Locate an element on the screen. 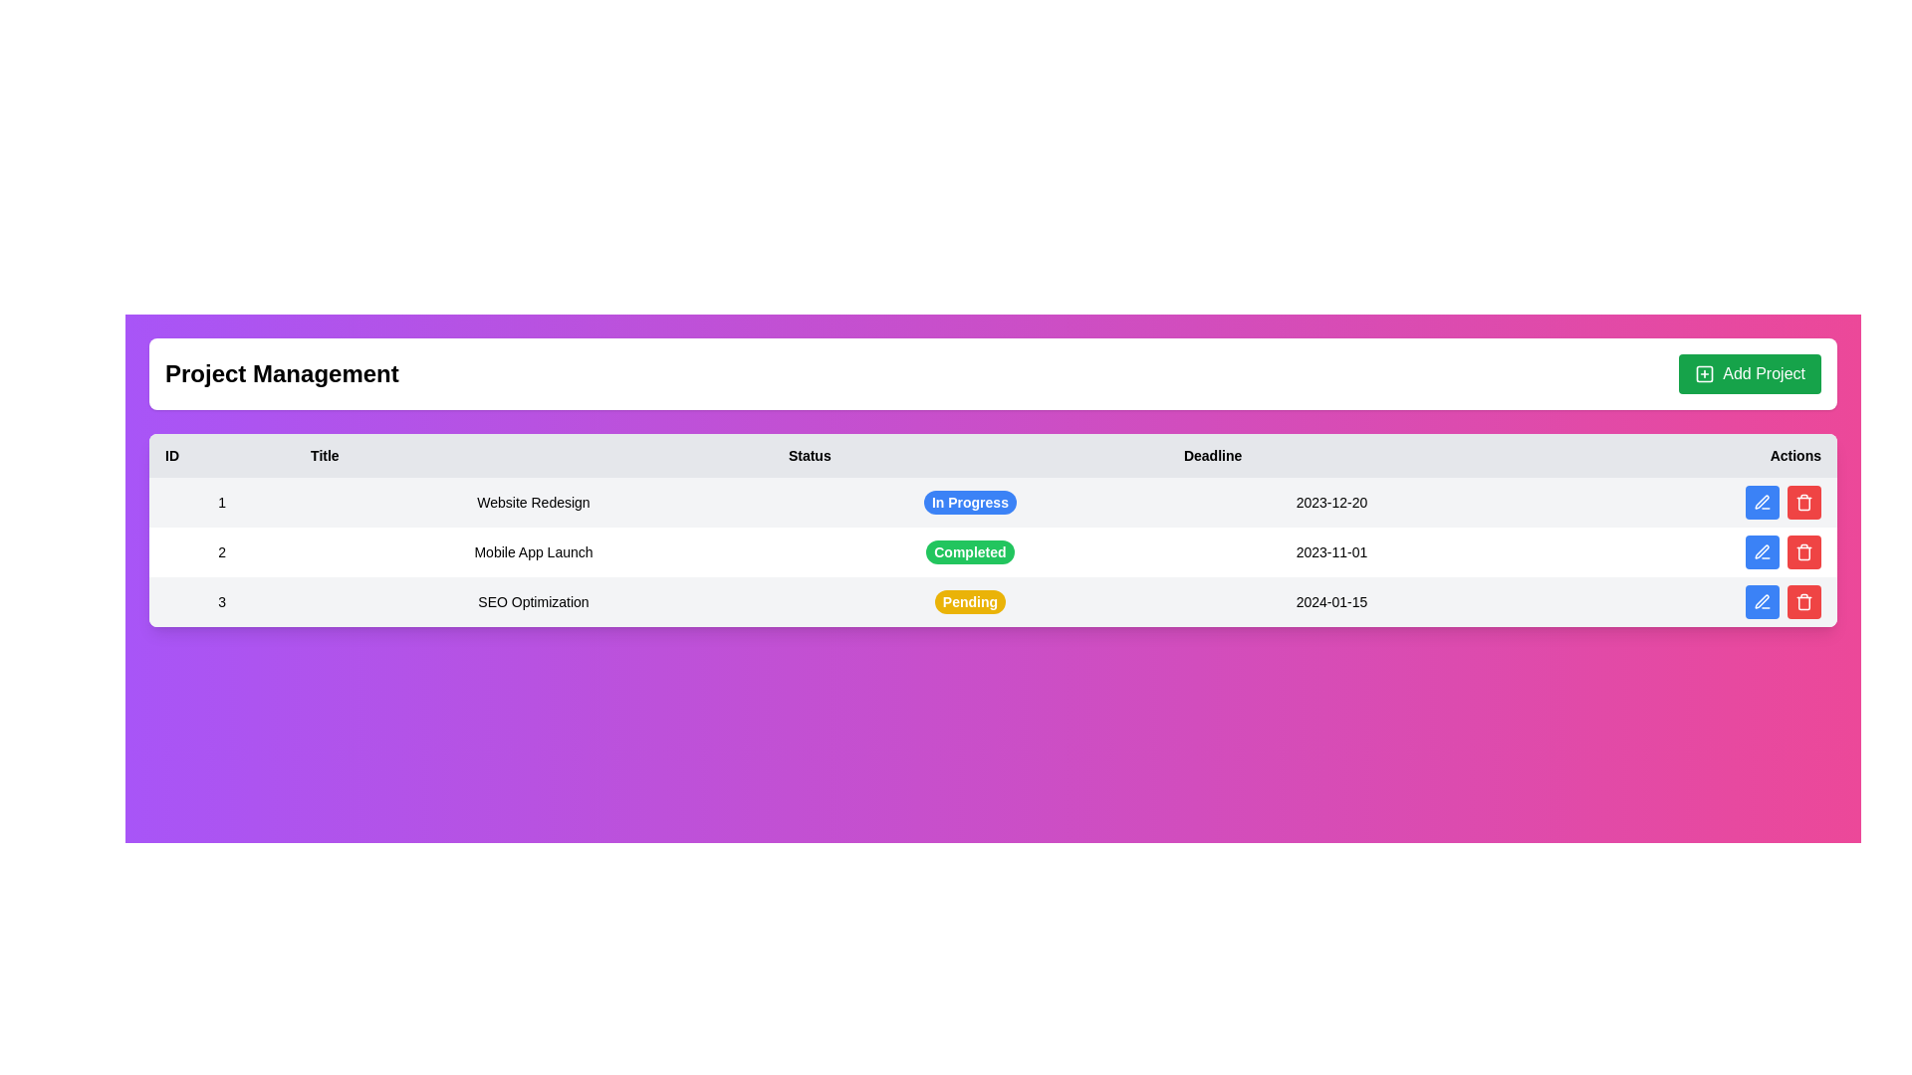 This screenshot has width=1912, height=1075. the text label displaying 'Website Redesign' located in the second column of the first row of the data table under the 'Title' header is located at coordinates (534, 502).